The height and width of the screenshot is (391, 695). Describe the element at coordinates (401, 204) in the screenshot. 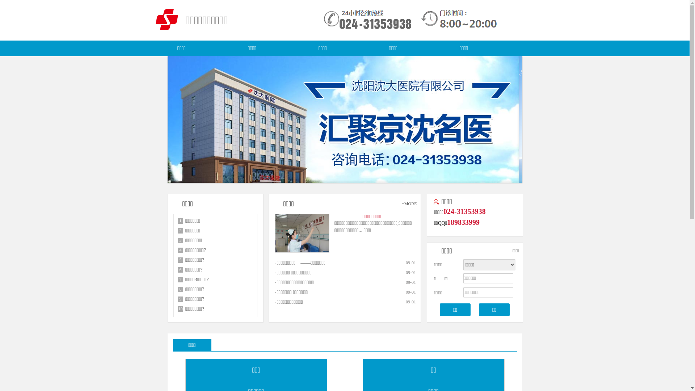

I see `'+MORE'` at that location.